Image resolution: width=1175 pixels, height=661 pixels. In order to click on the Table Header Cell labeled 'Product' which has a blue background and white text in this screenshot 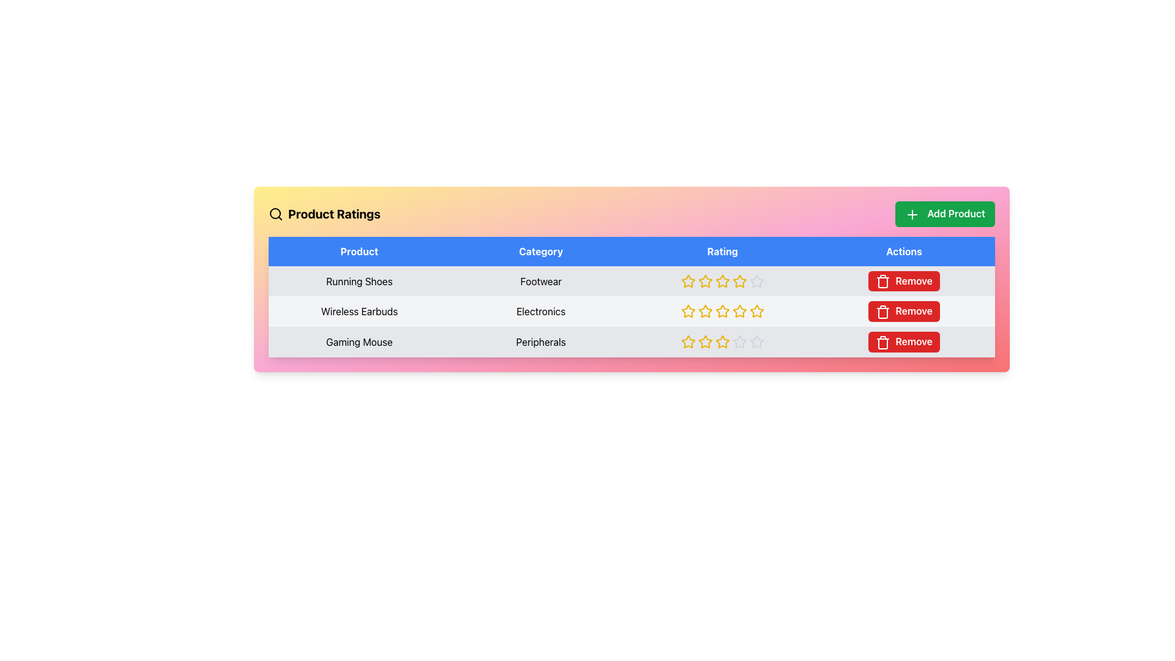, I will do `click(359, 250)`.